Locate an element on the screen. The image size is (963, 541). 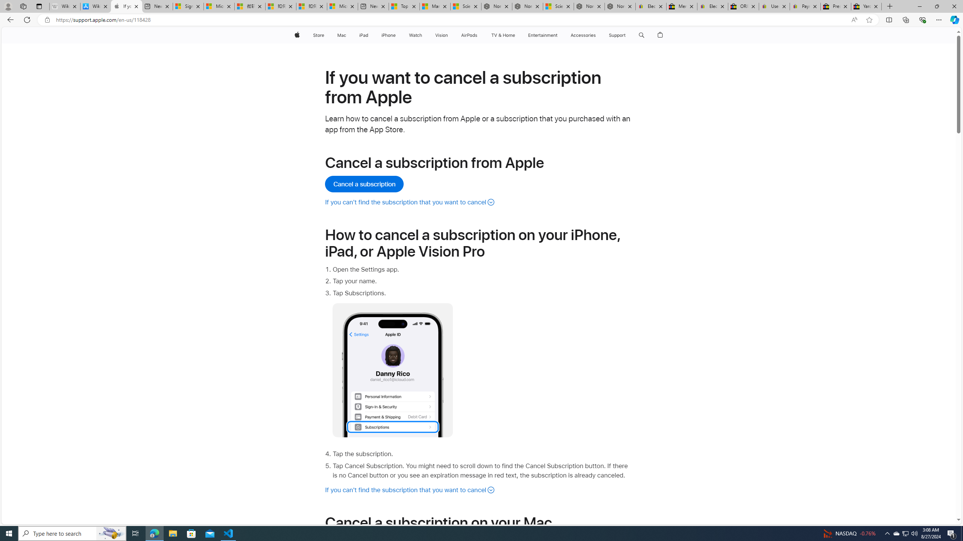
'Mac' is located at coordinates (341, 35).